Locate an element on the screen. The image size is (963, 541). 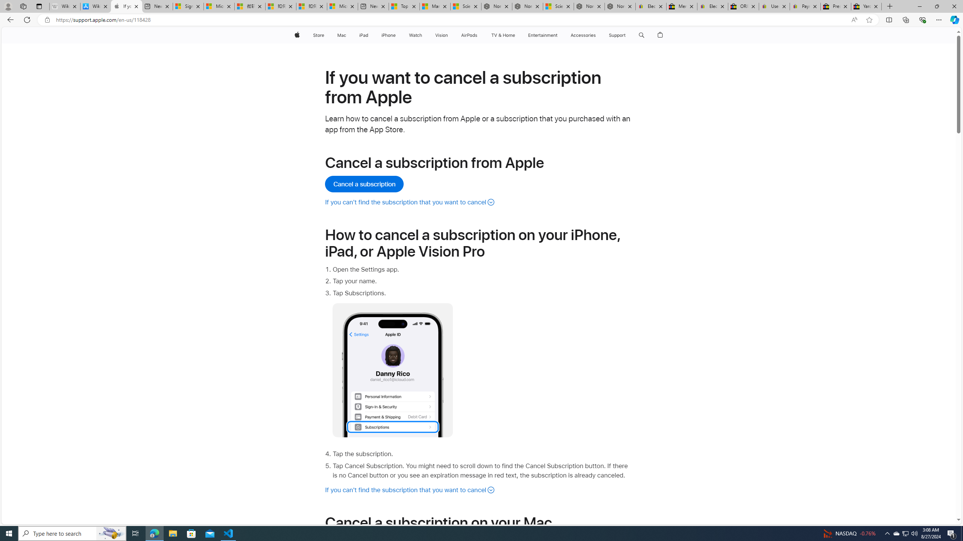
'Mac' is located at coordinates (341, 35).